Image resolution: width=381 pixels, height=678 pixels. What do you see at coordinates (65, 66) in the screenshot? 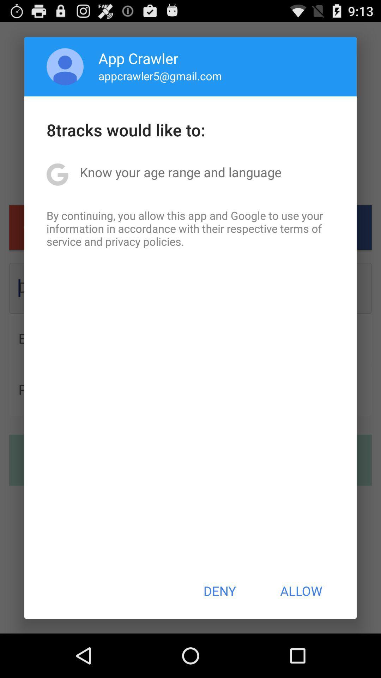
I see `app above the 8tracks would like app` at bounding box center [65, 66].